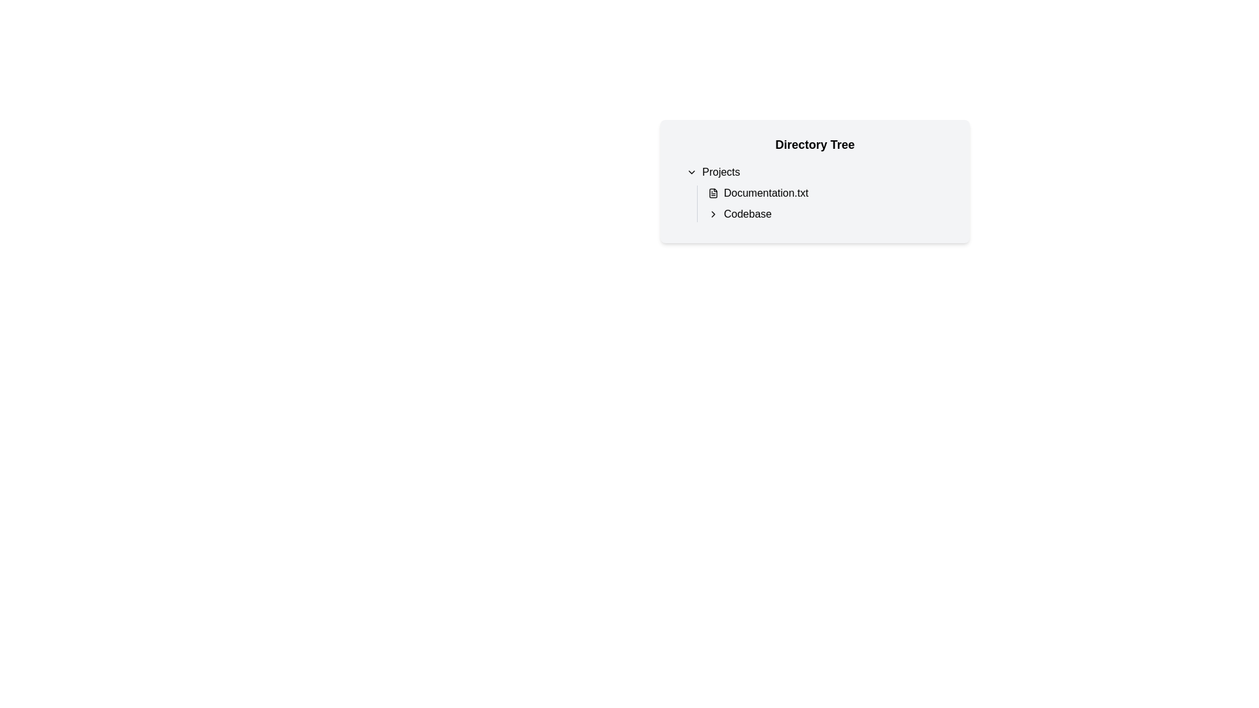 The height and width of the screenshot is (708, 1259). What do you see at coordinates (691, 171) in the screenshot?
I see `the 'Projects' section icon, which indicates that the section is currently expanded and can be collapsed` at bounding box center [691, 171].